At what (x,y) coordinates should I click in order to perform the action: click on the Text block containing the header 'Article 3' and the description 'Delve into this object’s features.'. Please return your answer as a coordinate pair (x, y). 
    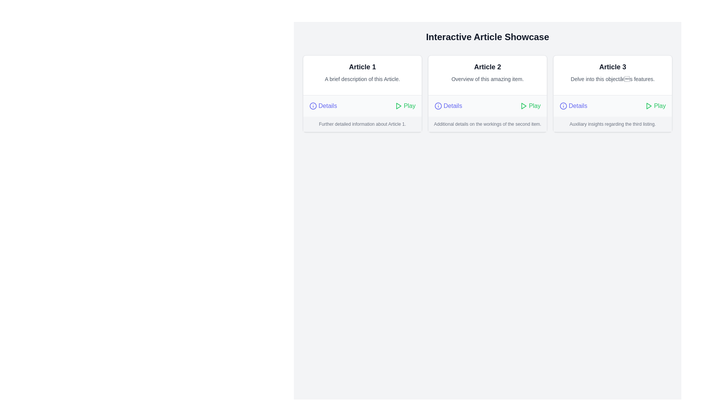
    Looking at the image, I should click on (613, 75).